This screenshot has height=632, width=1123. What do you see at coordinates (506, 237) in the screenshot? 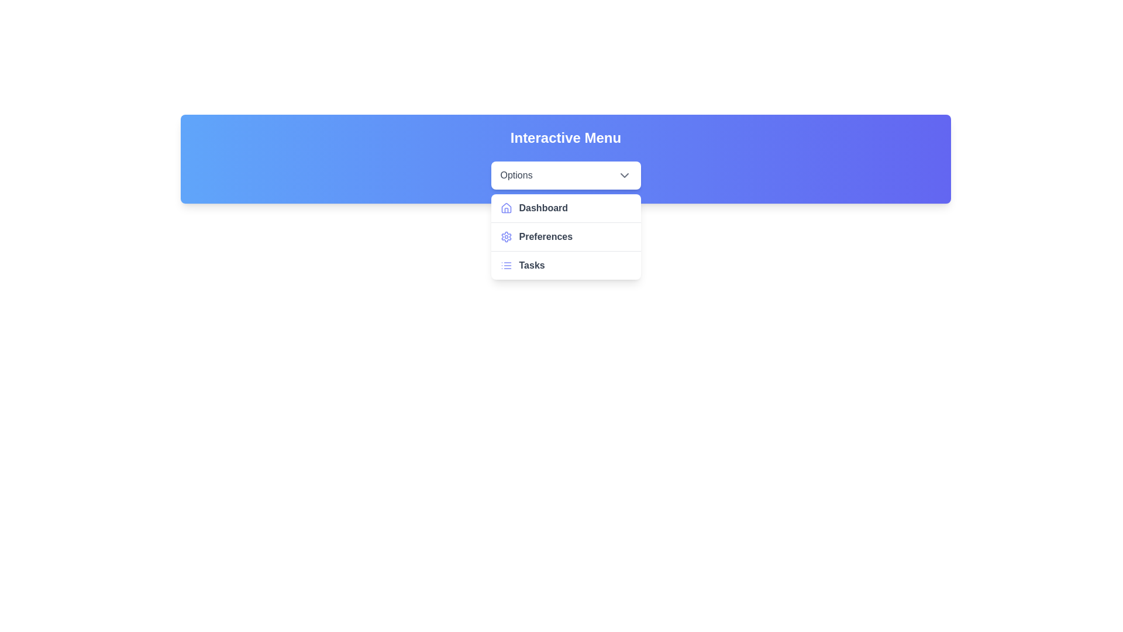
I see `the gear icon that represents settings, located on the top bar of the interface` at bounding box center [506, 237].